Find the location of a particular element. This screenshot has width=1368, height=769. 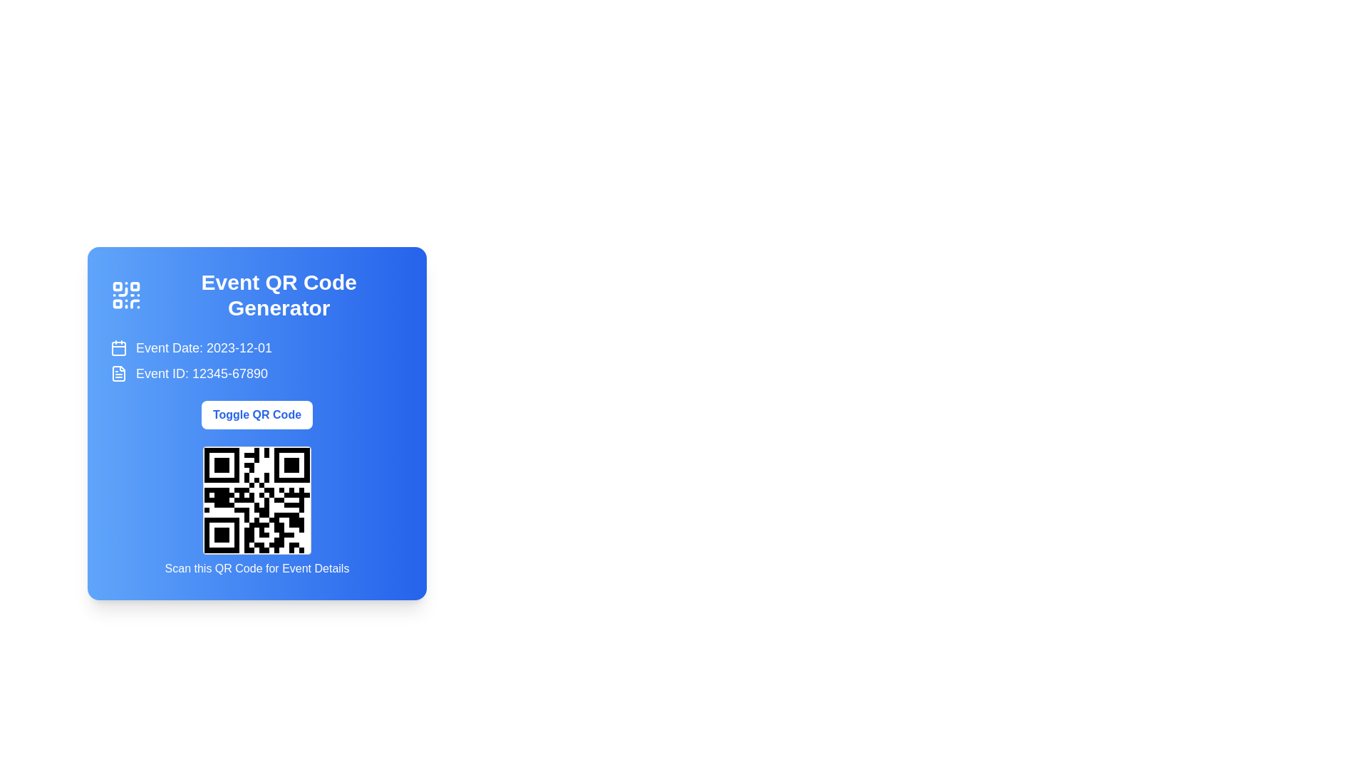

the QR code icon located on the left side of the 'Event QR Code Generator' section, which features a clean and minimalistic design with small square elements is located at coordinates (126, 295).